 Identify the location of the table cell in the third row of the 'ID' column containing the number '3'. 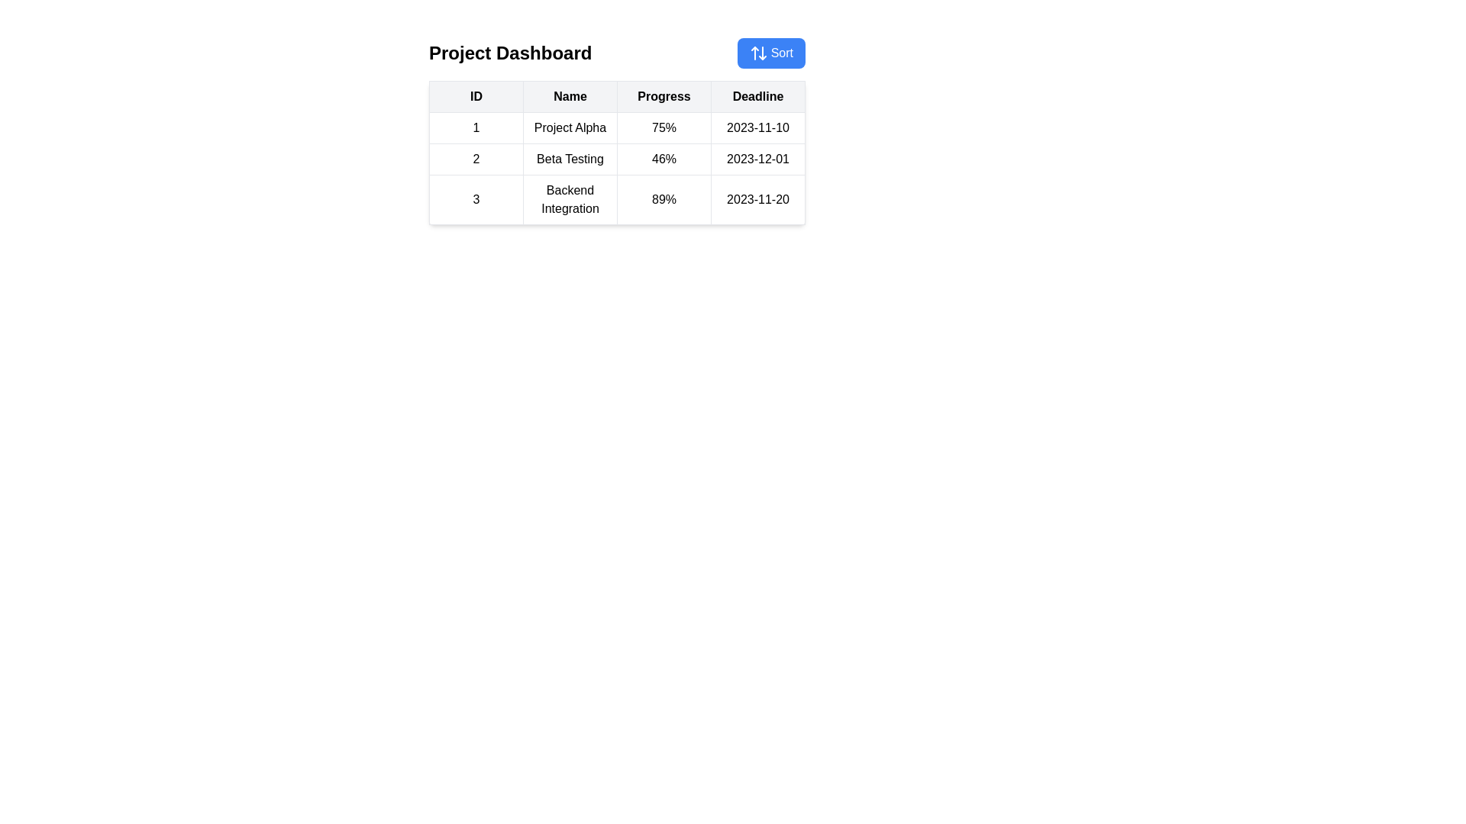
(476, 199).